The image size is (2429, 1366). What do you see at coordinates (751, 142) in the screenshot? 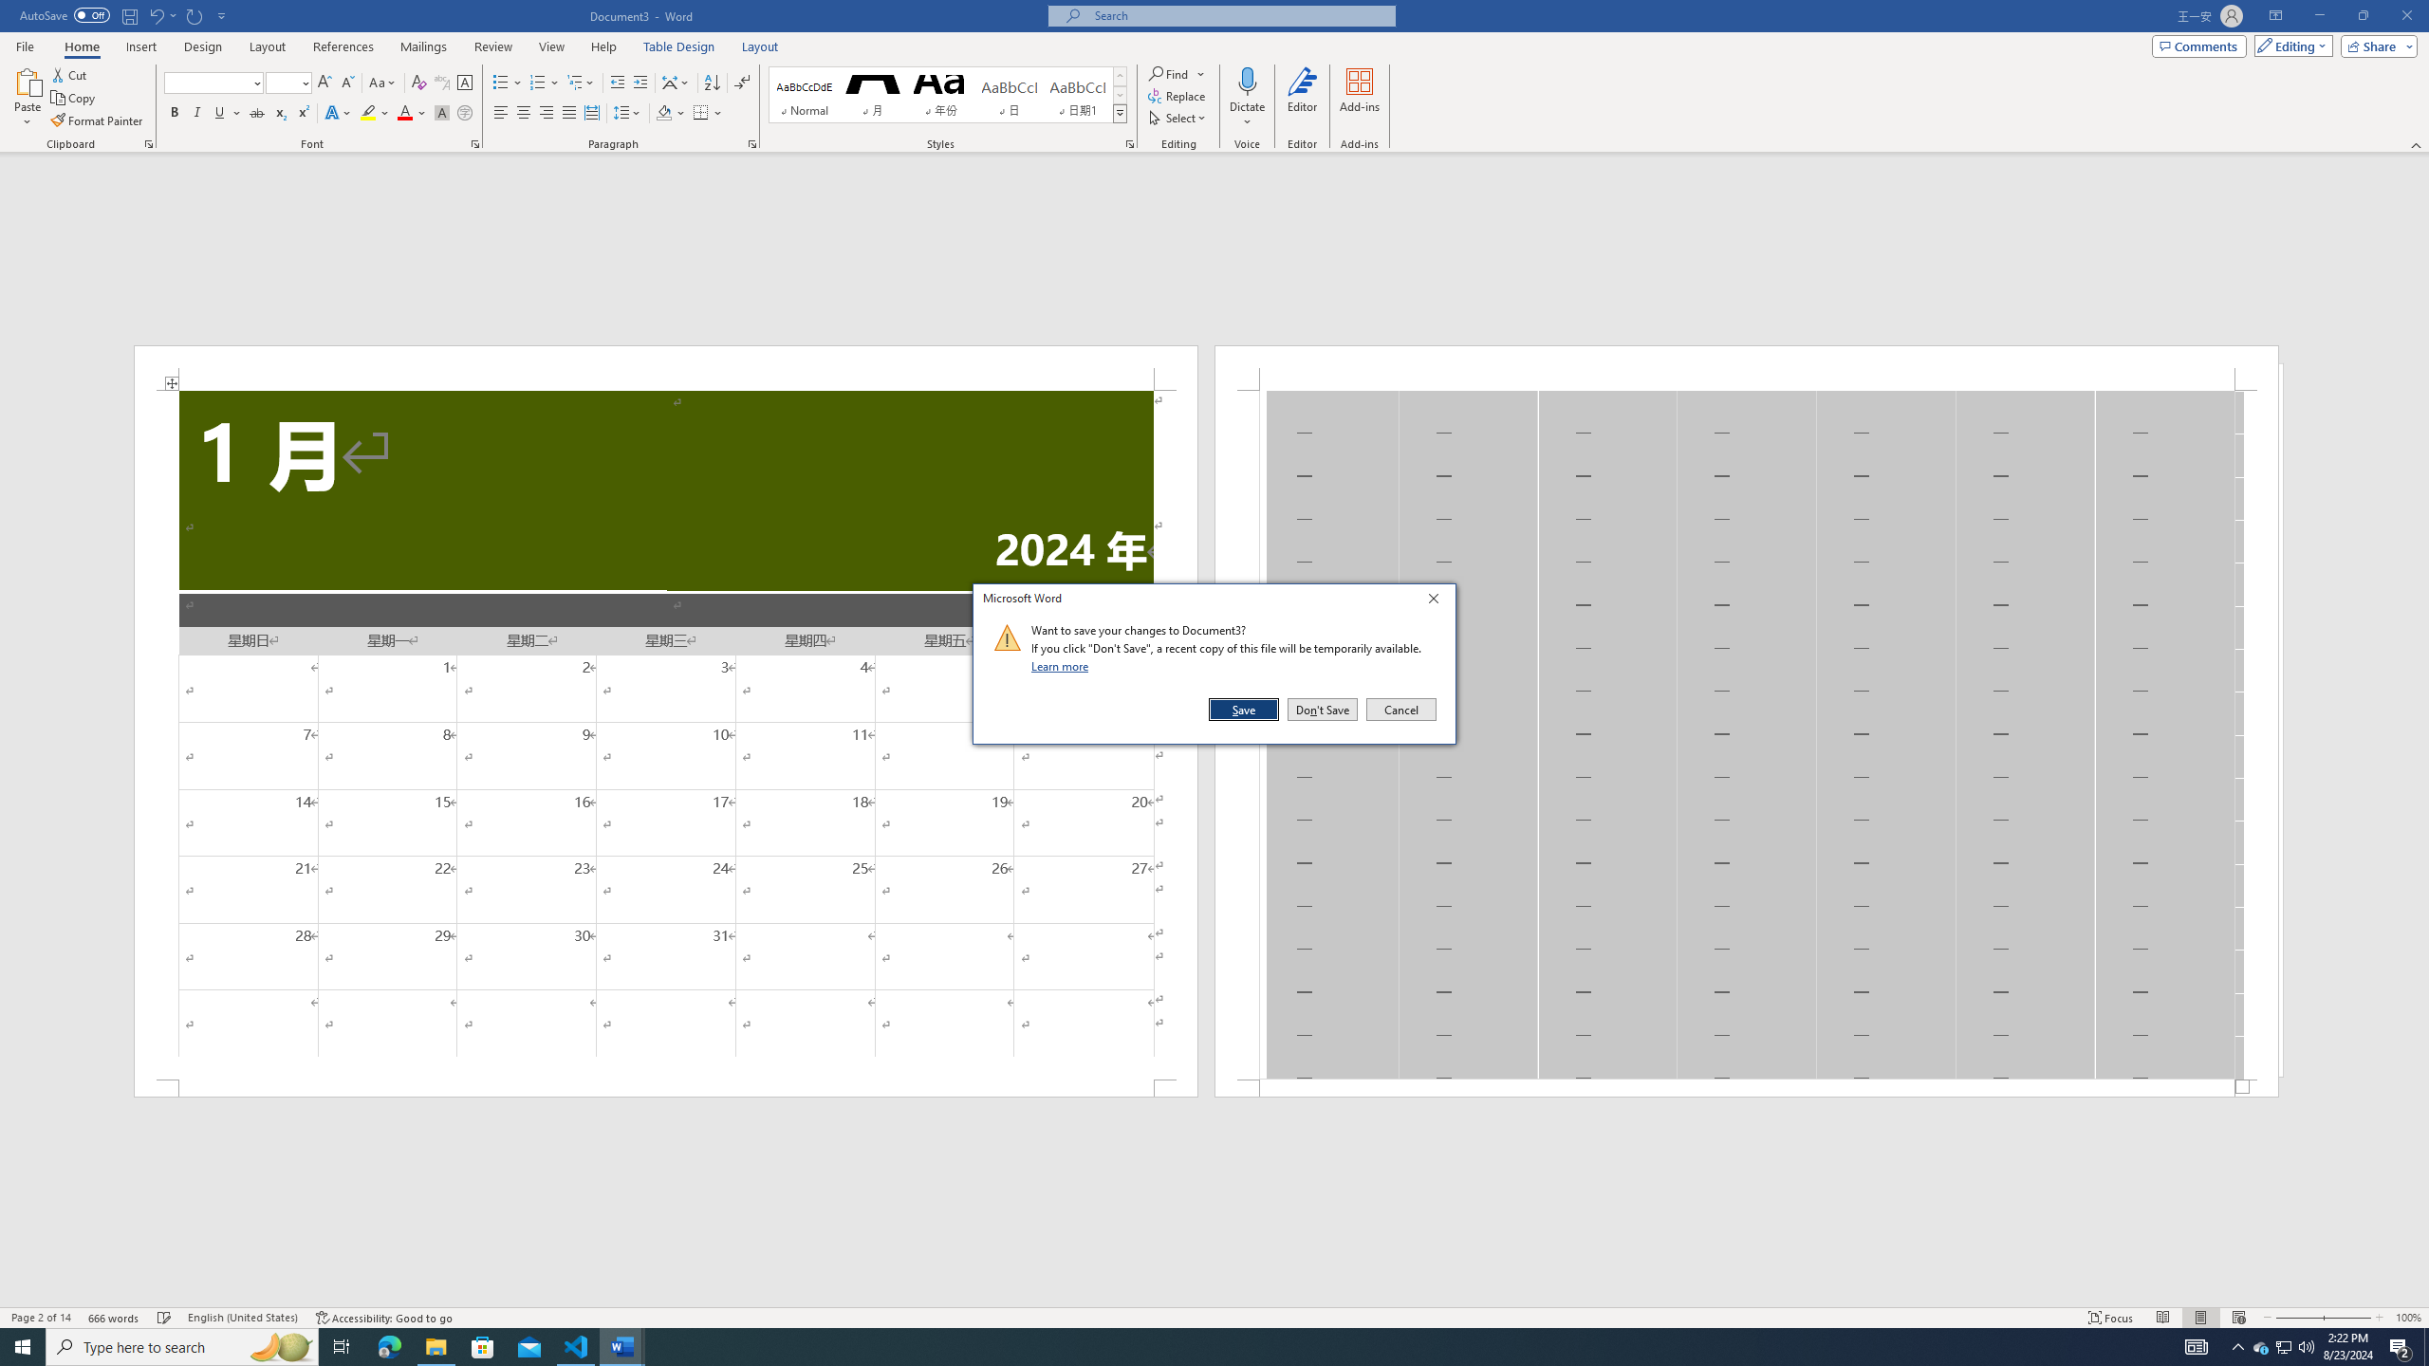
I see `'Paragraph...'` at bounding box center [751, 142].